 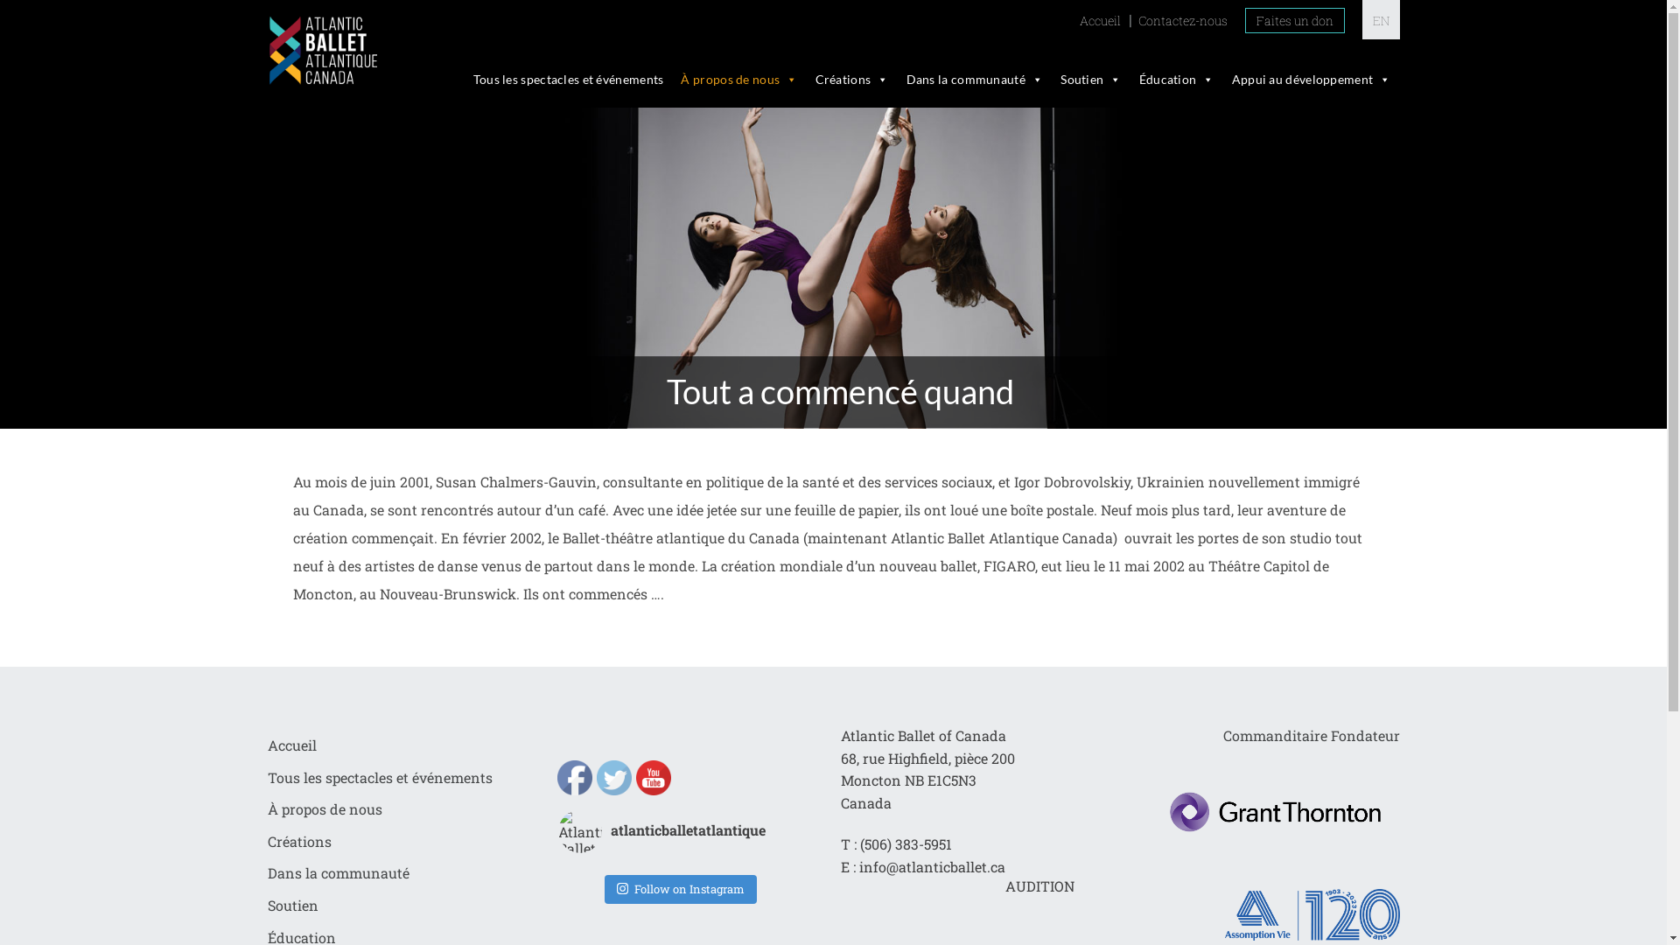 I want to click on 'atlanticballetatlantique', so click(x=677, y=829).